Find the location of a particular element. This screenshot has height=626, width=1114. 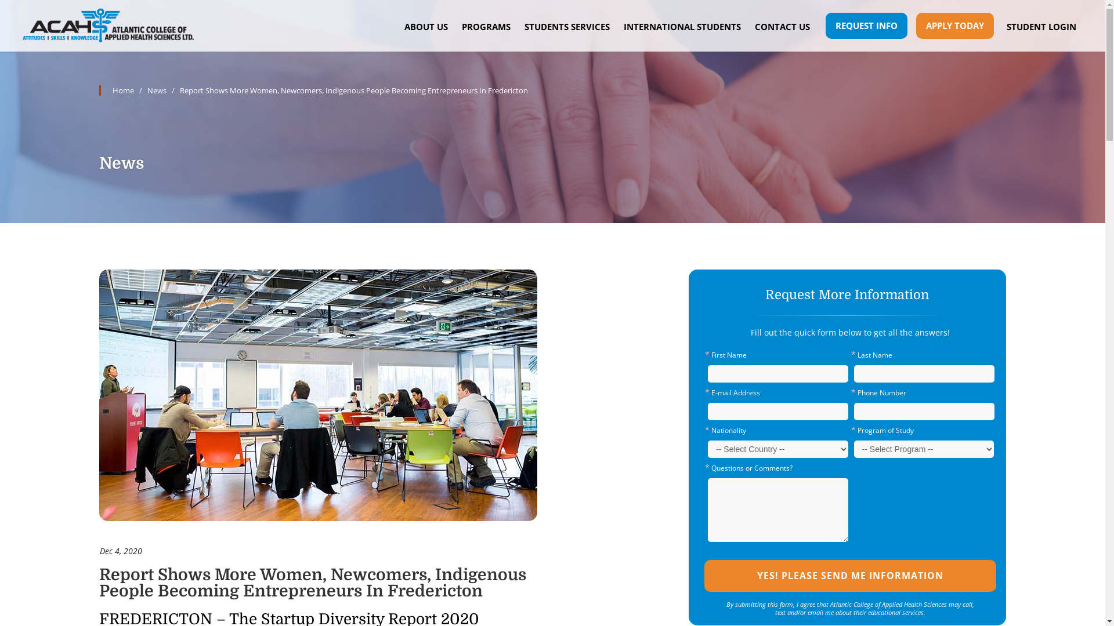

'CONTACT US' is located at coordinates (782, 26).